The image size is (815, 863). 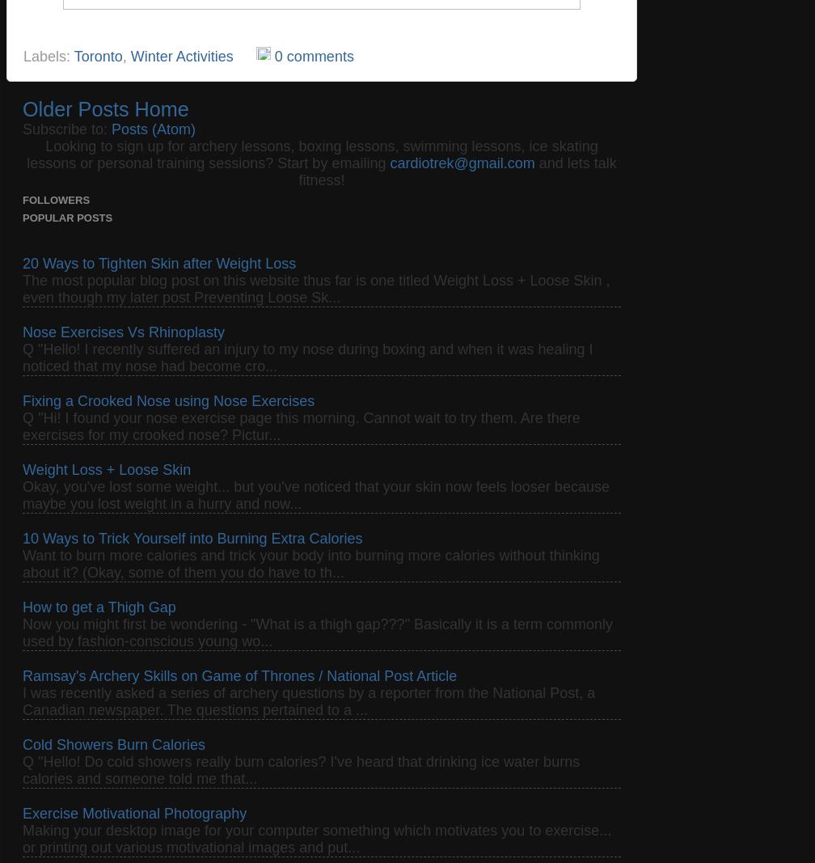 I want to click on 'Posts (Atom)', so click(x=111, y=127).